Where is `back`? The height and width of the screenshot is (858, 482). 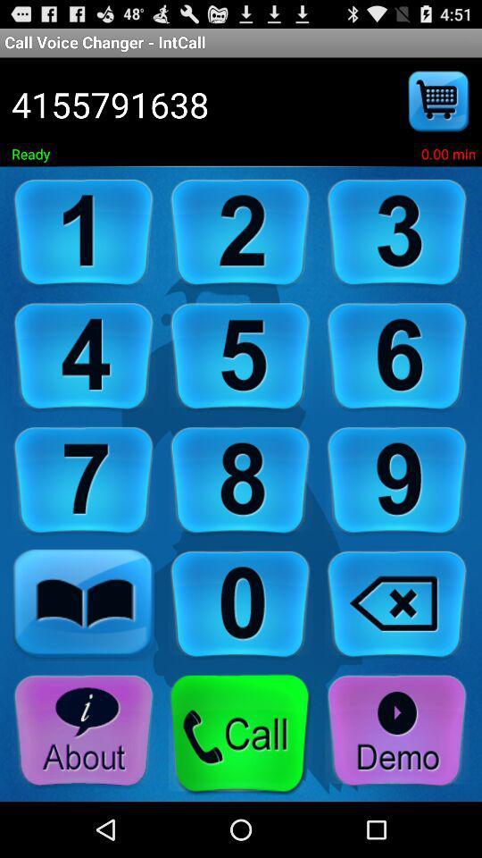
back is located at coordinates (397, 605).